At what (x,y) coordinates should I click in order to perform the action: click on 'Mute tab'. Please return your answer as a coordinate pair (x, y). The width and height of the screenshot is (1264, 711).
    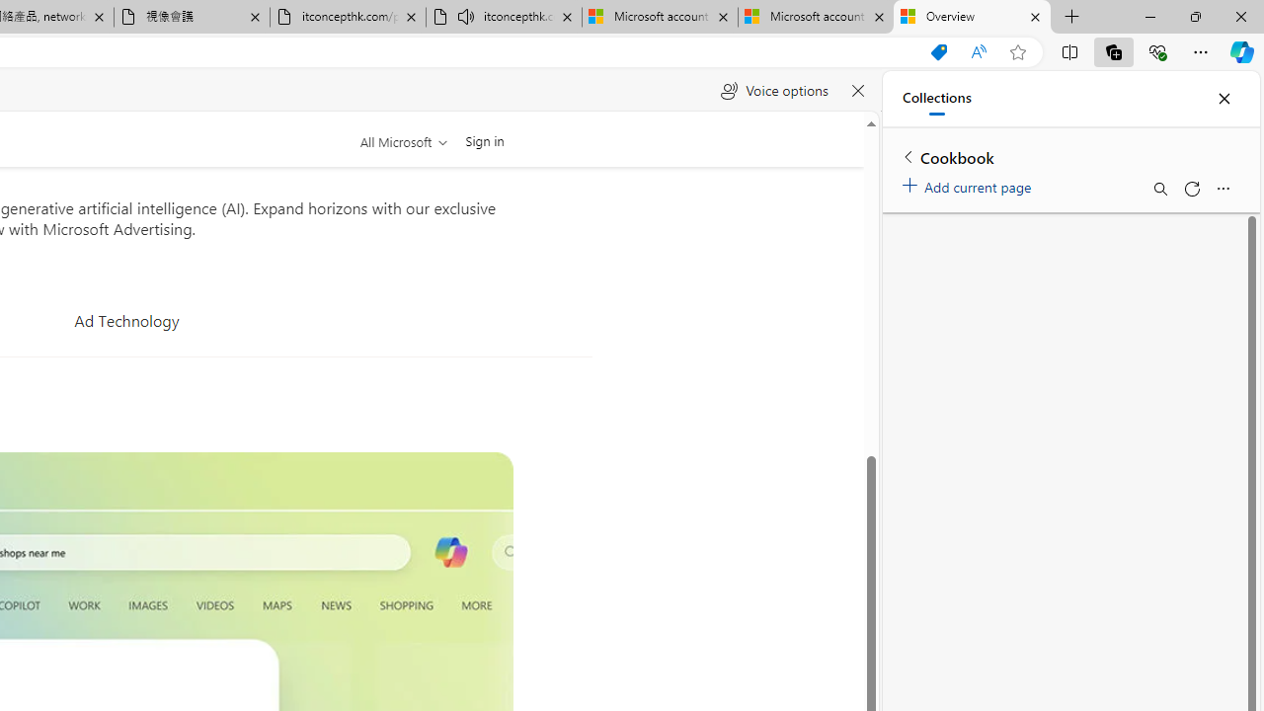
    Looking at the image, I should click on (464, 16).